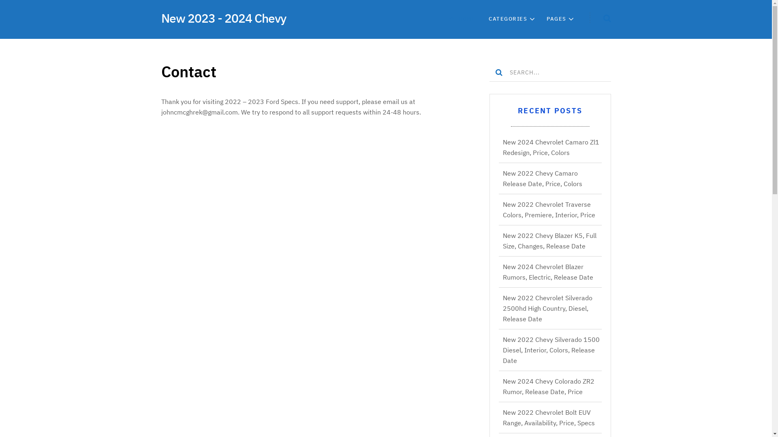 The image size is (778, 437). What do you see at coordinates (224, 18) in the screenshot?
I see `'New 2023 - 2024 Chevy'` at bounding box center [224, 18].